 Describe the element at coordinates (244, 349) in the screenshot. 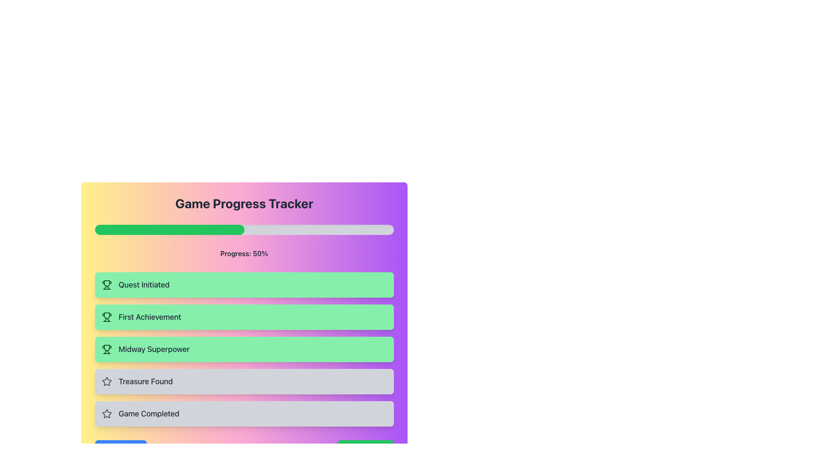

I see `the milestone list item named 'Midway Superpower' in the 'Game Progress Tracker' section, which is the third item in the vertical list of progress indicators` at that location.